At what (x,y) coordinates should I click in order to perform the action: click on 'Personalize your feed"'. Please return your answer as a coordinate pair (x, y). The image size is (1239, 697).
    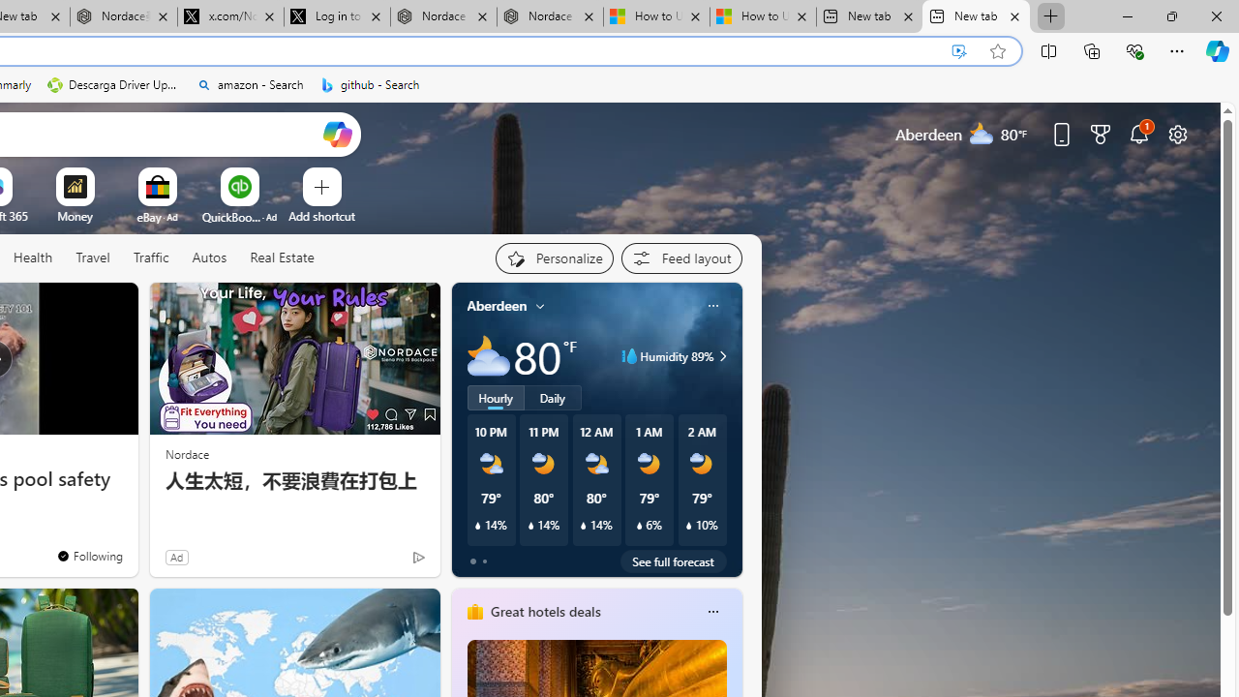
    Looking at the image, I should click on (553, 258).